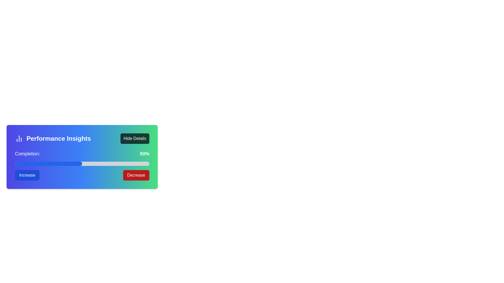 This screenshot has width=504, height=283. I want to click on the button located in the upper right corner of the 'Performance Insights' section to hide details, so click(135, 138).